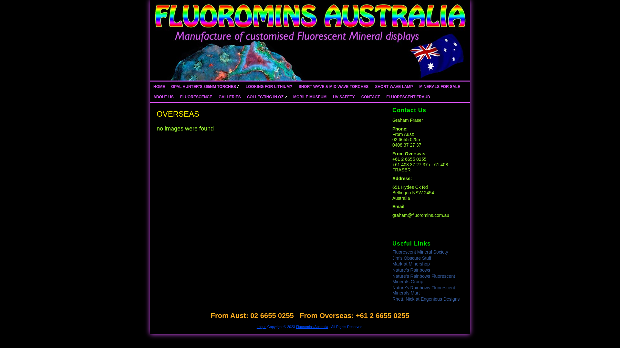  I want to click on 'SHORT WAVE LAMP', so click(393, 86).